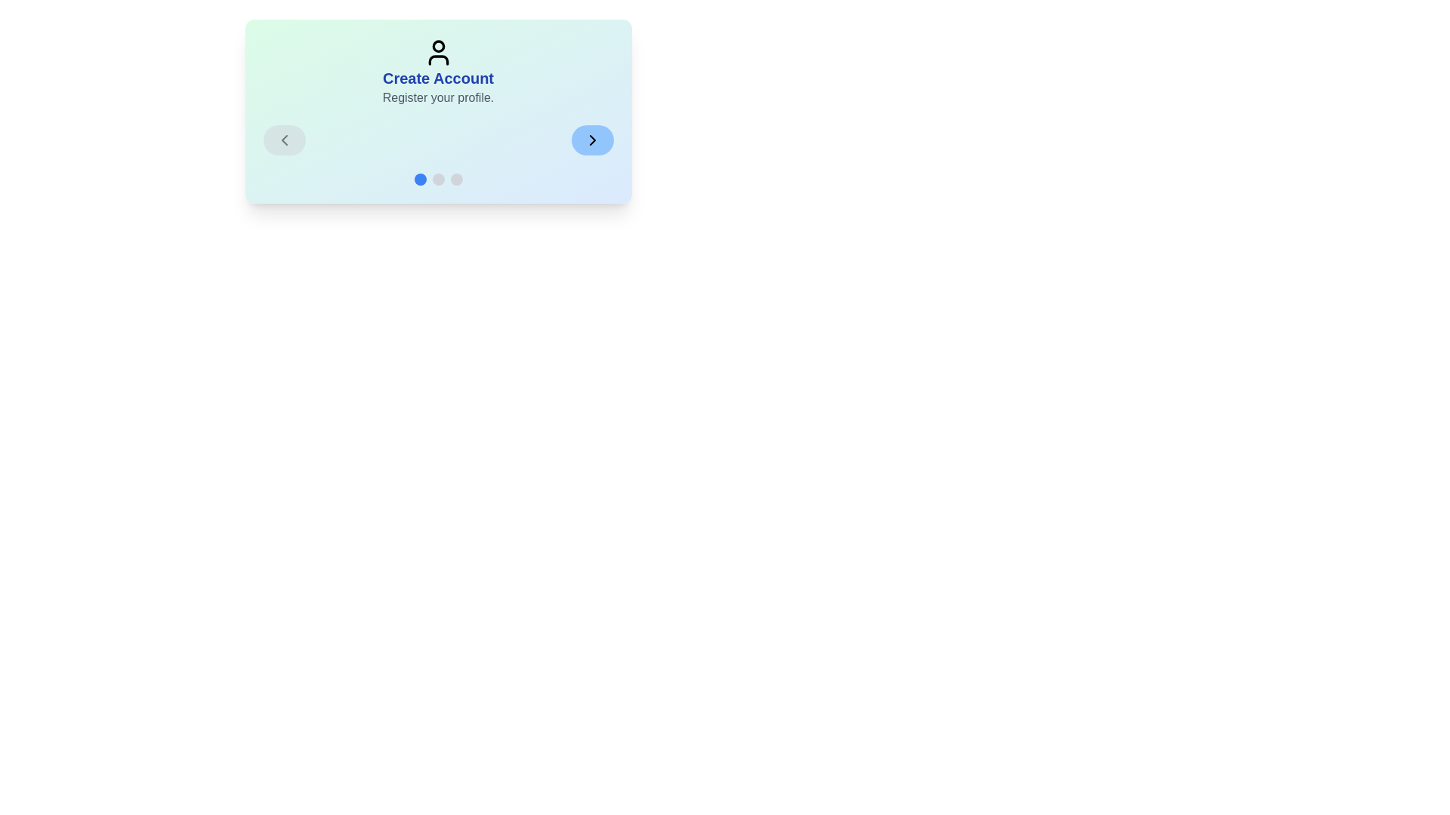  I want to click on the 'Next' button to observe its hover effect, so click(591, 140).